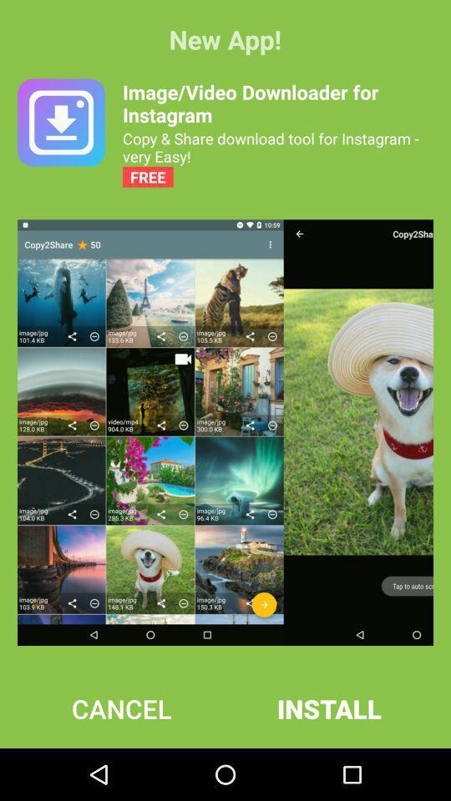  What do you see at coordinates (329, 708) in the screenshot?
I see `item to the right of the cancel` at bounding box center [329, 708].